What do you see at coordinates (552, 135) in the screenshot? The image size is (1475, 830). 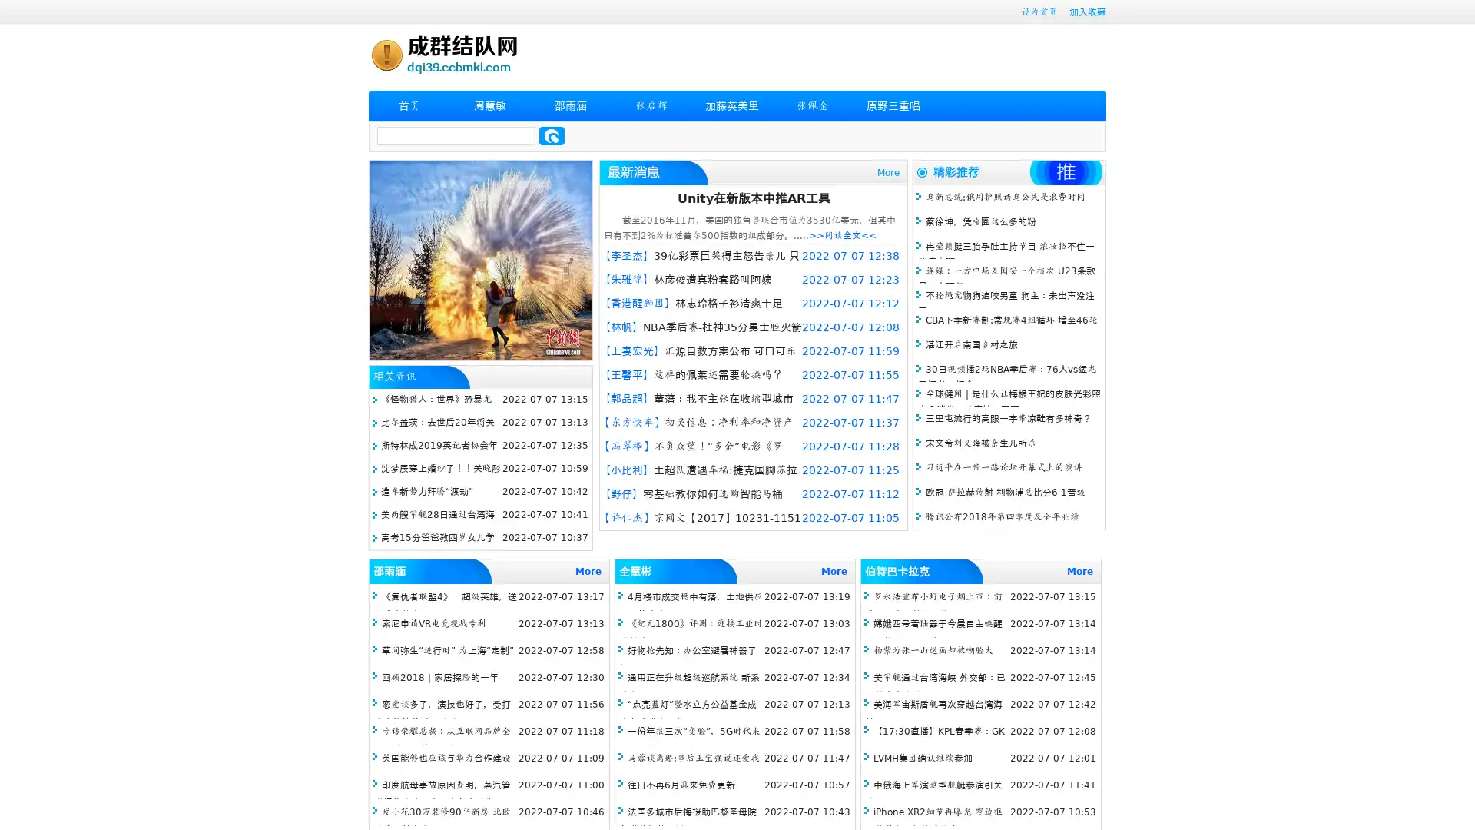 I see `Search` at bounding box center [552, 135].